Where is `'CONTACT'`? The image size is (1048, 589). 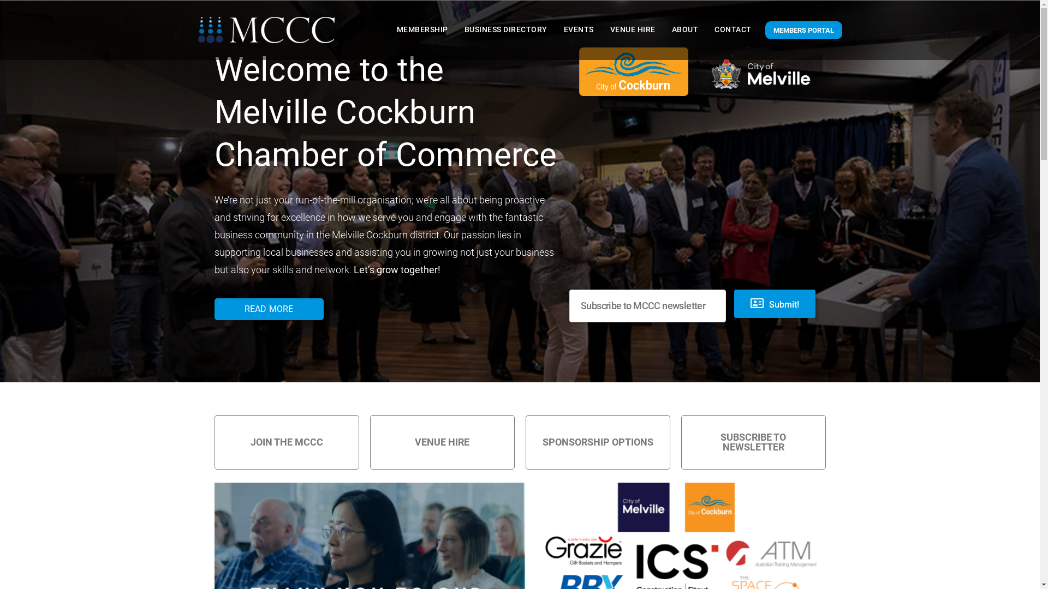
'CONTACT' is located at coordinates (712, 29).